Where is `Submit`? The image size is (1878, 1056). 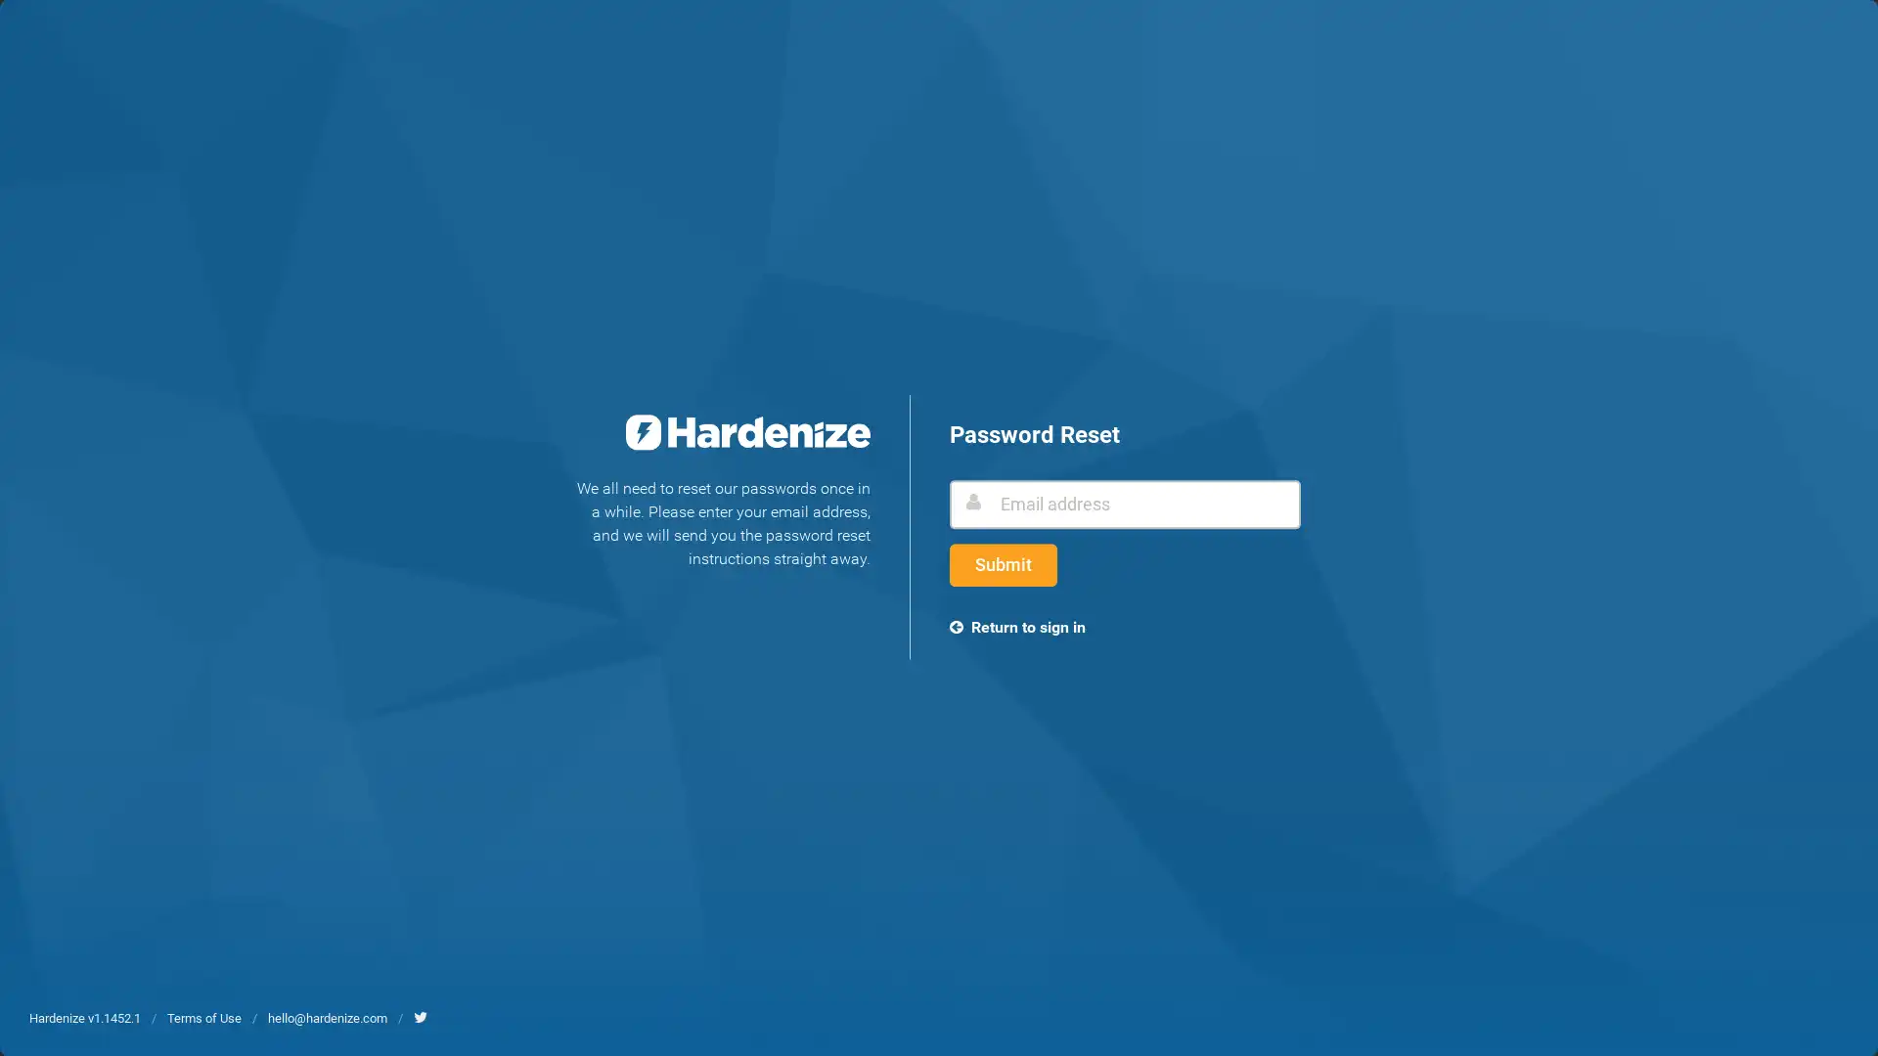
Submit is located at coordinates (1004, 565).